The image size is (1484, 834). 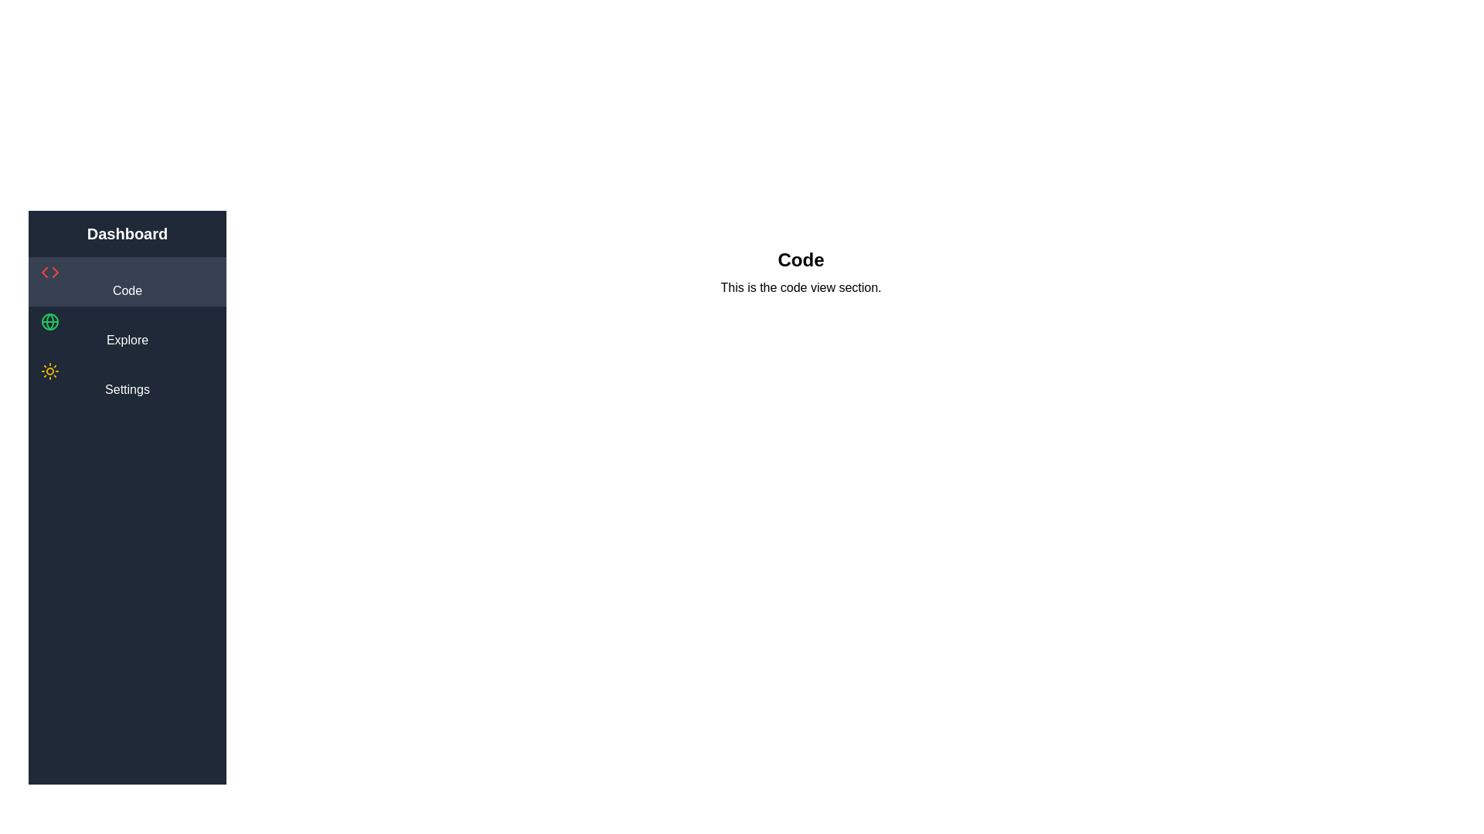 I want to click on the Settings tab in the sidebar, so click(x=127, y=381).